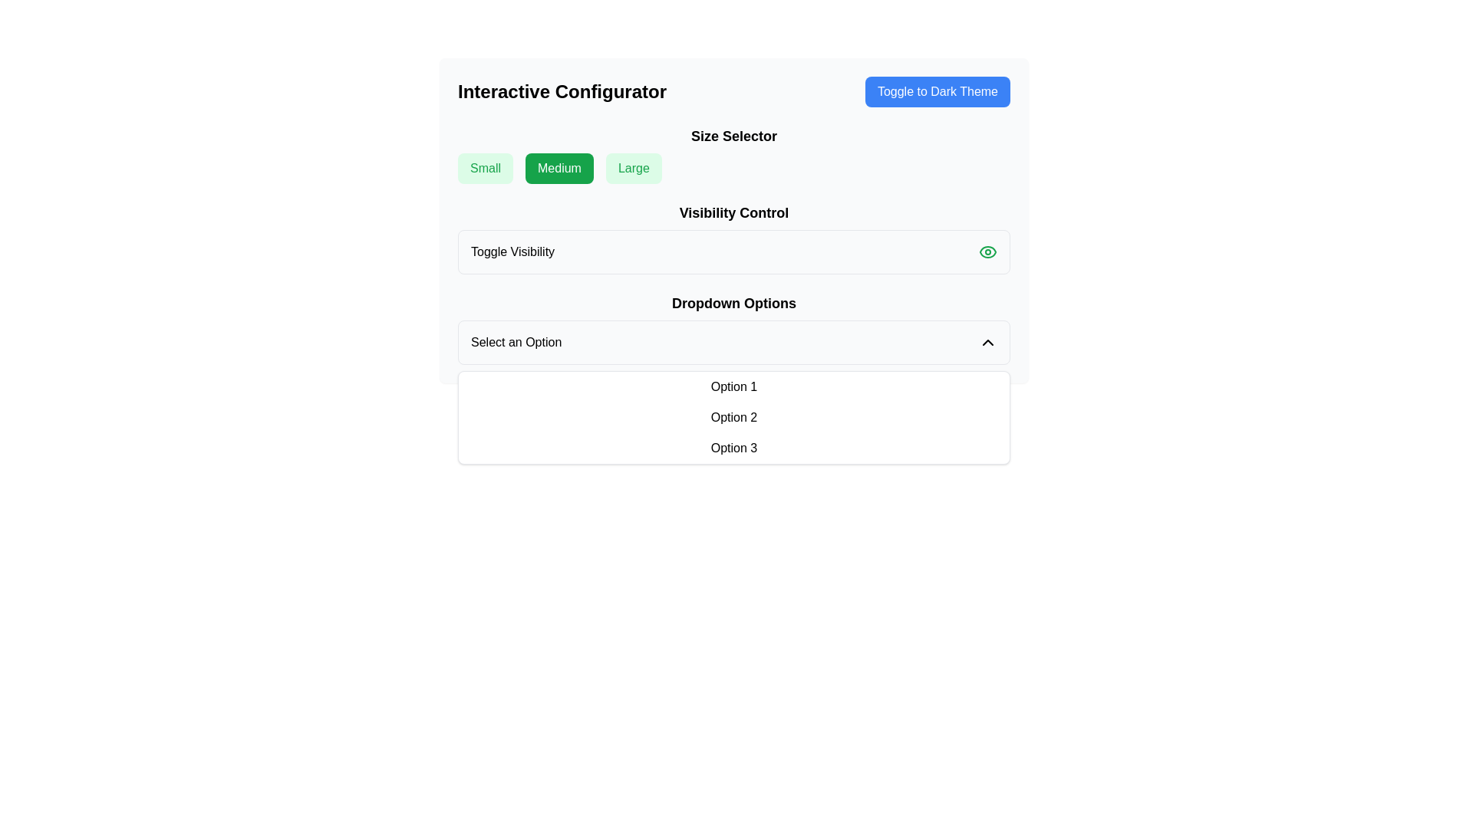 This screenshot has height=828, width=1473. What do you see at coordinates (987, 342) in the screenshot?
I see `the Chevron Up icon in the top-right corner of the 'Select an Option' dropdown` at bounding box center [987, 342].